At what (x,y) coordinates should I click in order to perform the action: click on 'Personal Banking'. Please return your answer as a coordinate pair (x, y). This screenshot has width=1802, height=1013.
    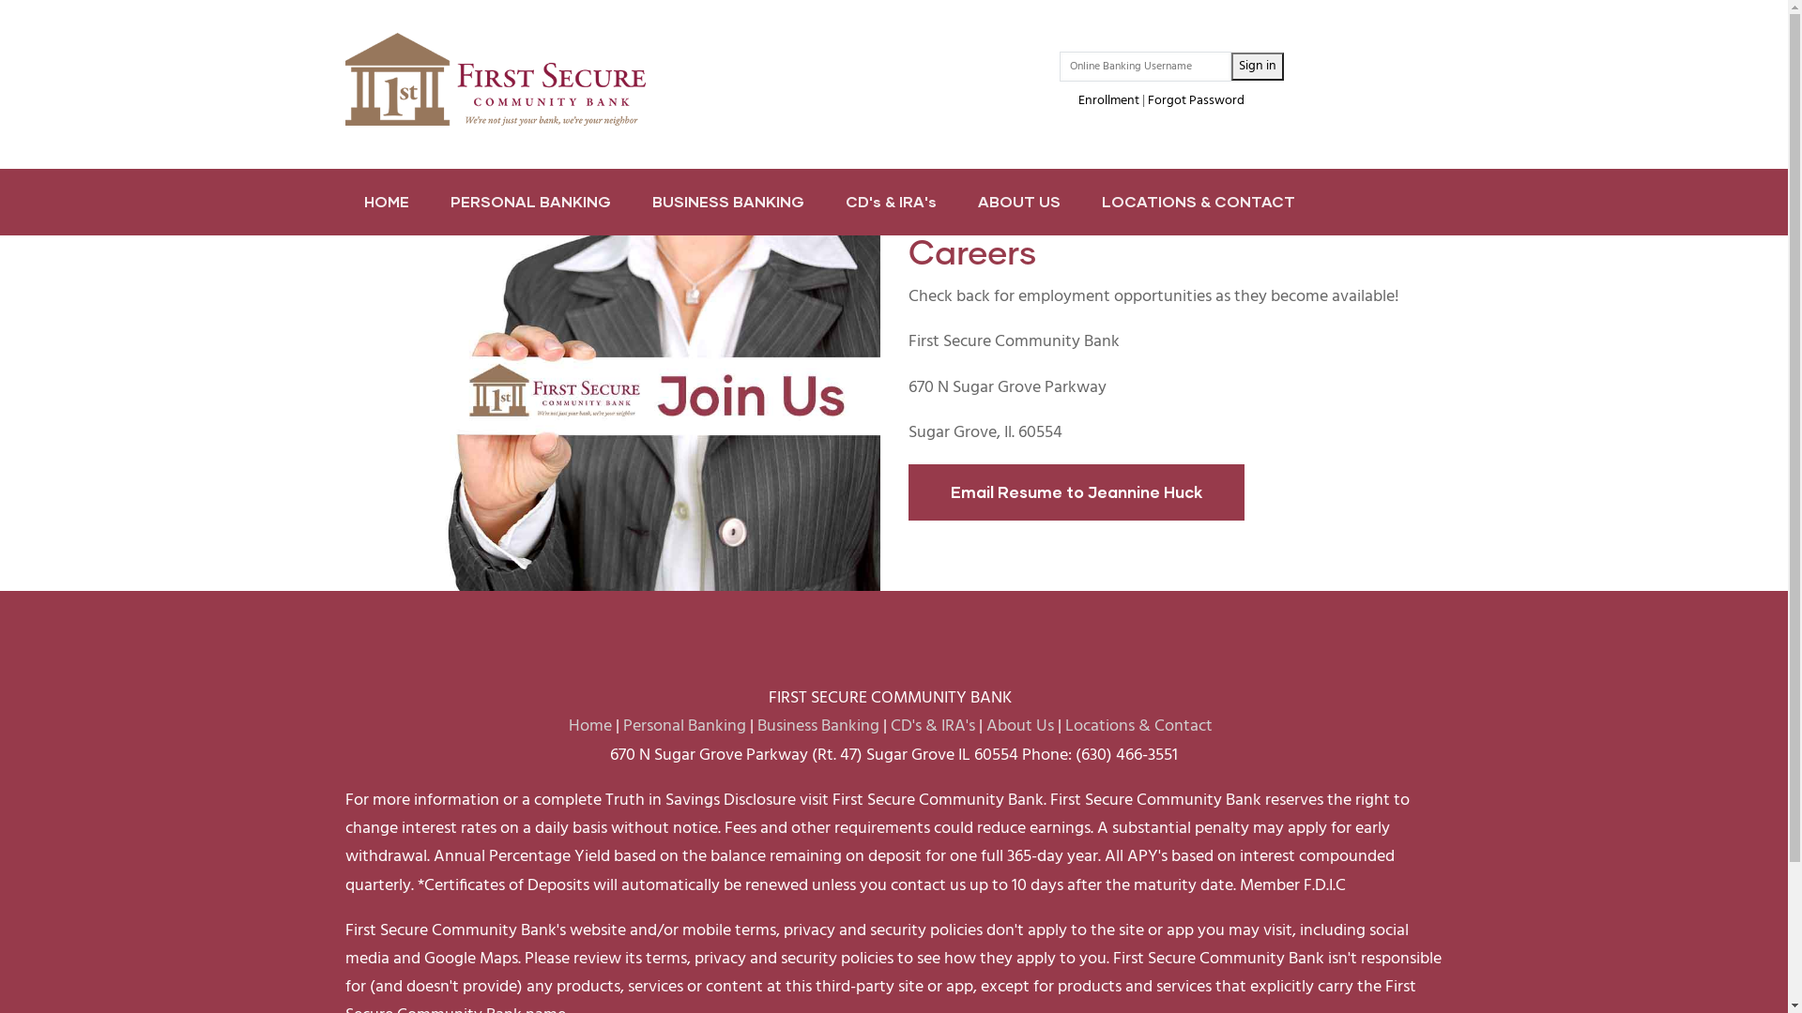
    Looking at the image, I should click on (683, 725).